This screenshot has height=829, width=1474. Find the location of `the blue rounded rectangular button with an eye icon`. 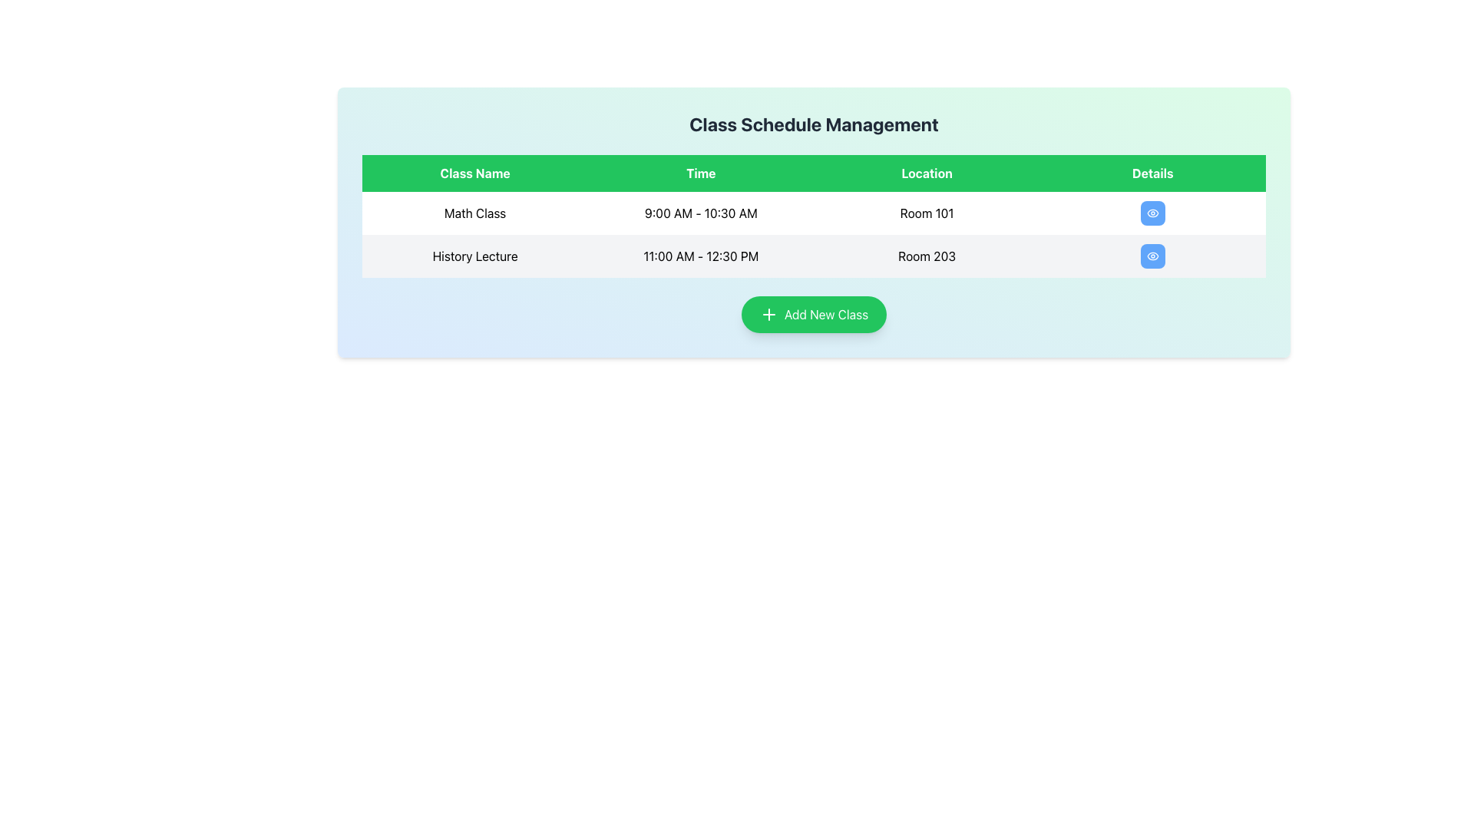

the blue rounded rectangular button with an eye icon is located at coordinates (1152, 213).